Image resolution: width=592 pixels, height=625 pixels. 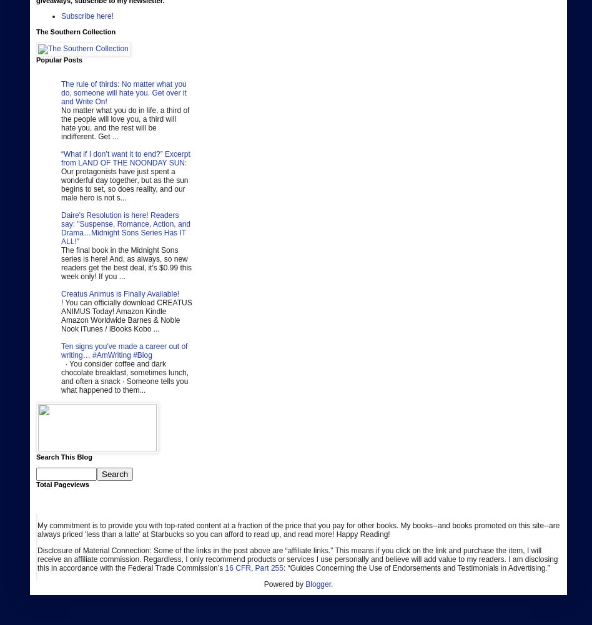 What do you see at coordinates (126, 315) in the screenshot?
I see `'!​   You can officially download CREATUS ANIMUS Today!  Amazon Kindle Amazon Worldwide Barnes & Noble Nook iTunes / iBooks Kobo ...'` at bounding box center [126, 315].